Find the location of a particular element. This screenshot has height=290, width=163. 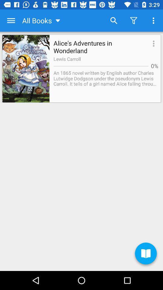

icon next to the all books icon is located at coordinates (114, 21).